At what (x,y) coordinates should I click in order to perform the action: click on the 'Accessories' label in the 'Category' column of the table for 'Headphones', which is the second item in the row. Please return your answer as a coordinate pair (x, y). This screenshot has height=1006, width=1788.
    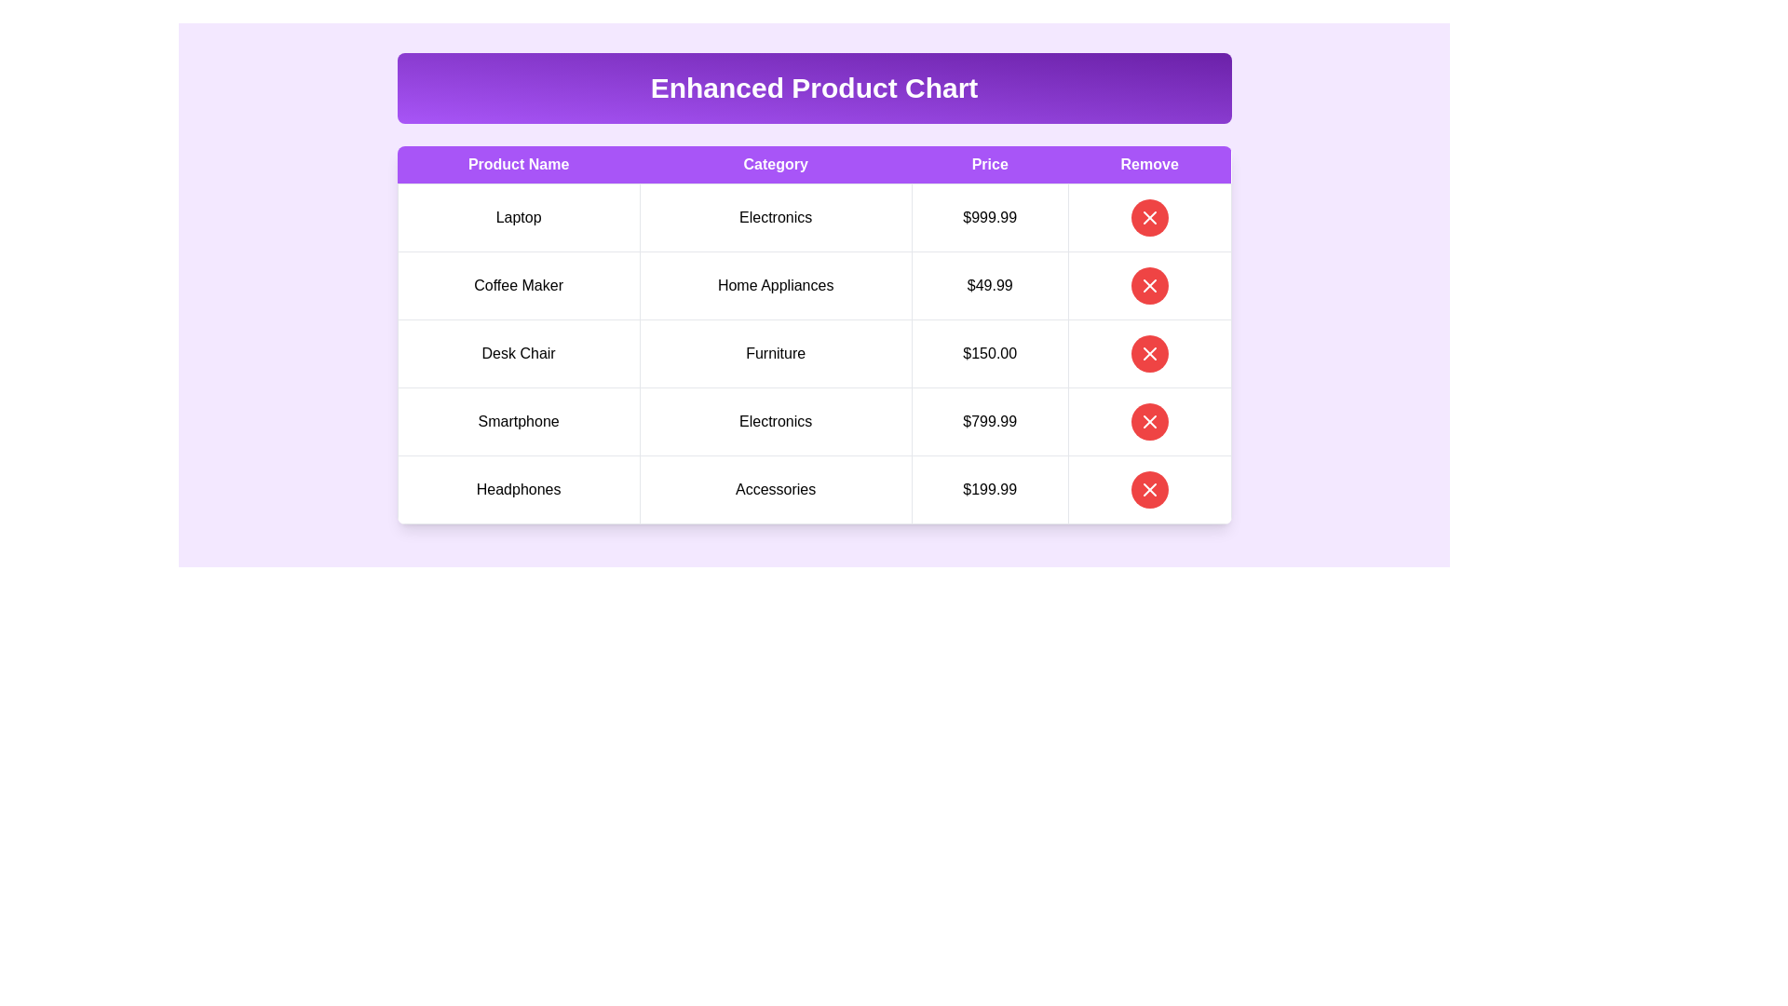
    Looking at the image, I should click on (776, 488).